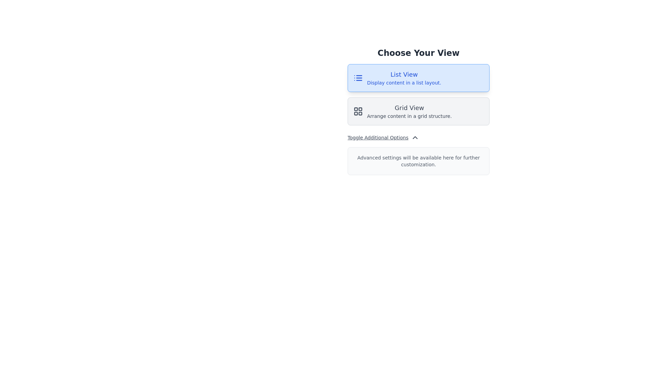 This screenshot has width=655, height=368. I want to click on the Informational Text Box with a light gray background that contains the text 'Advanced settings will be available here for further customization.', so click(418, 161).